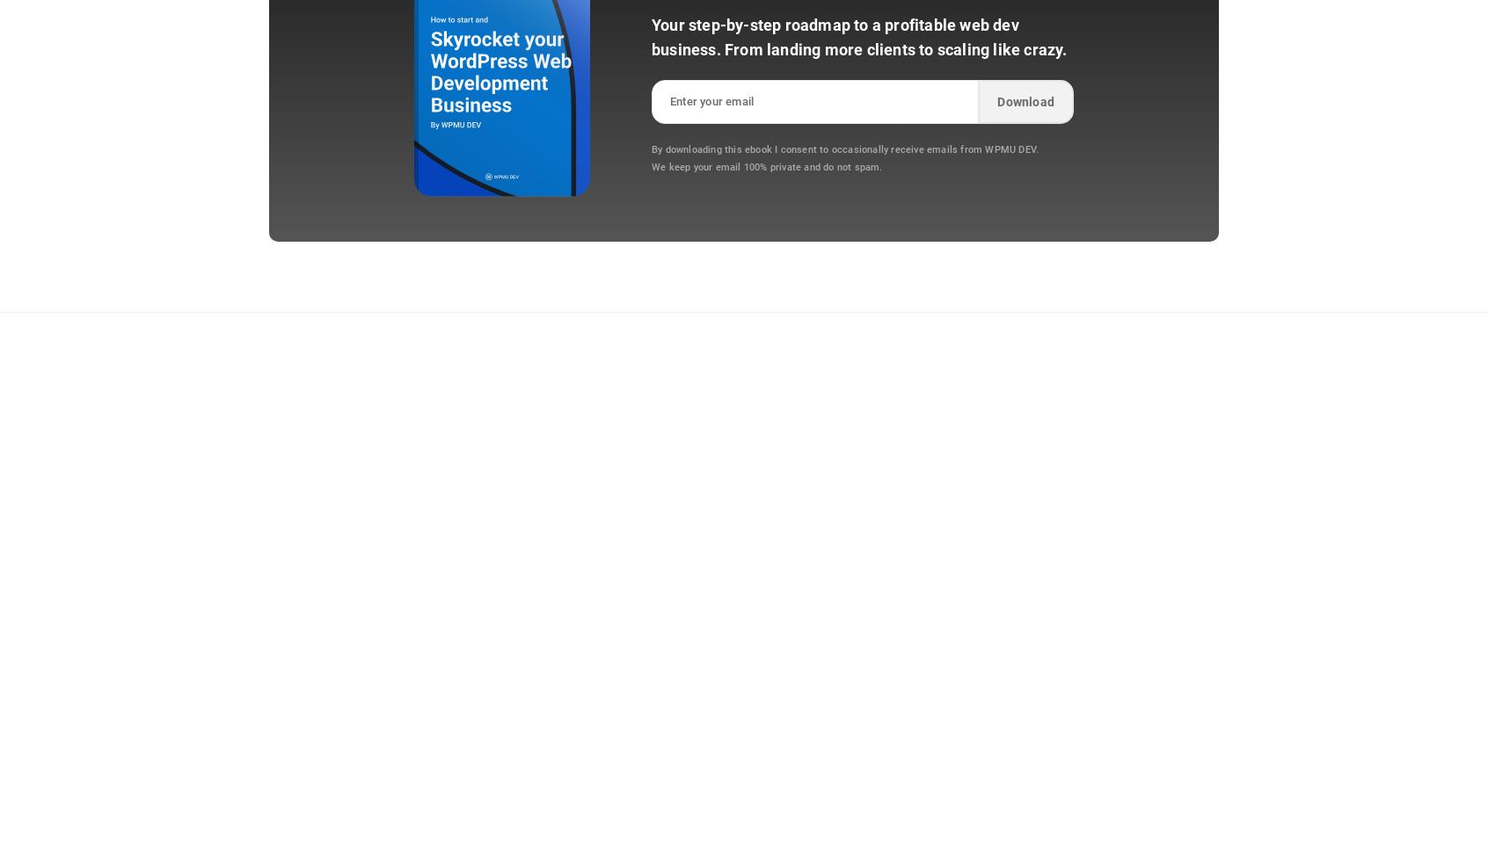 Image resolution: width=1488 pixels, height=856 pixels. What do you see at coordinates (945, 453) in the screenshot?
I see `'Support'` at bounding box center [945, 453].